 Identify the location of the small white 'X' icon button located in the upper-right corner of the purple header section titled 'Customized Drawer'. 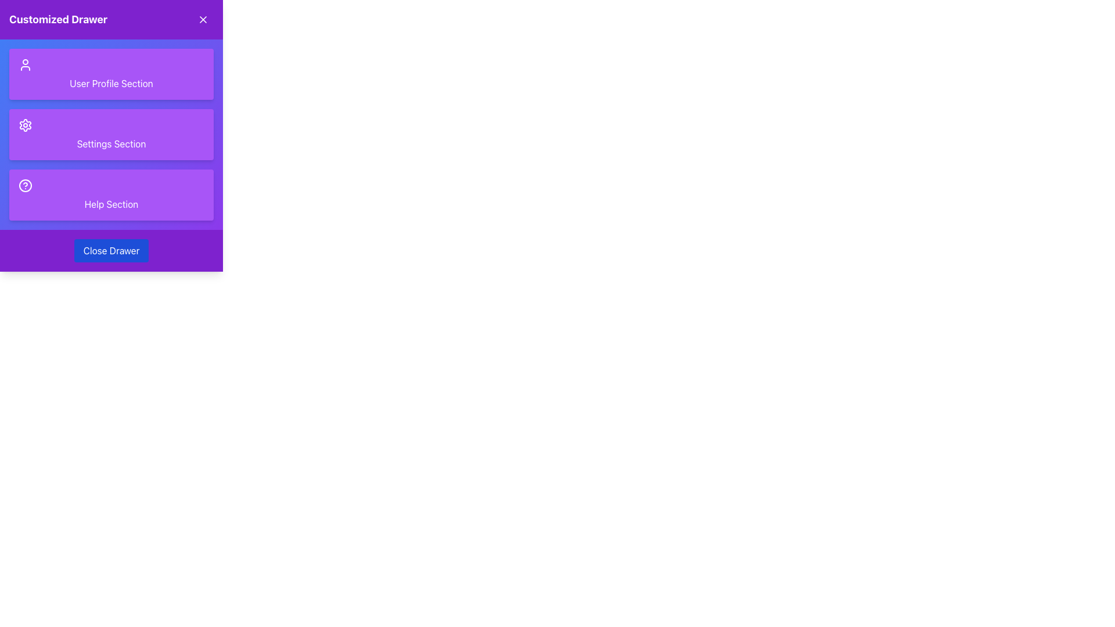
(203, 20).